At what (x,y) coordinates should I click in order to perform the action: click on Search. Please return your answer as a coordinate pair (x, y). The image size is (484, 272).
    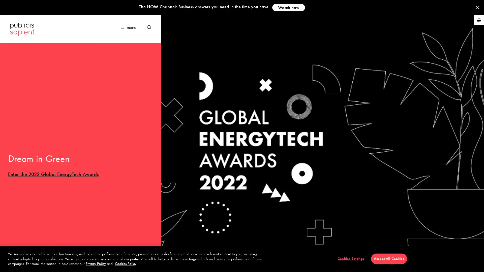
    Looking at the image, I should click on (147, 27).